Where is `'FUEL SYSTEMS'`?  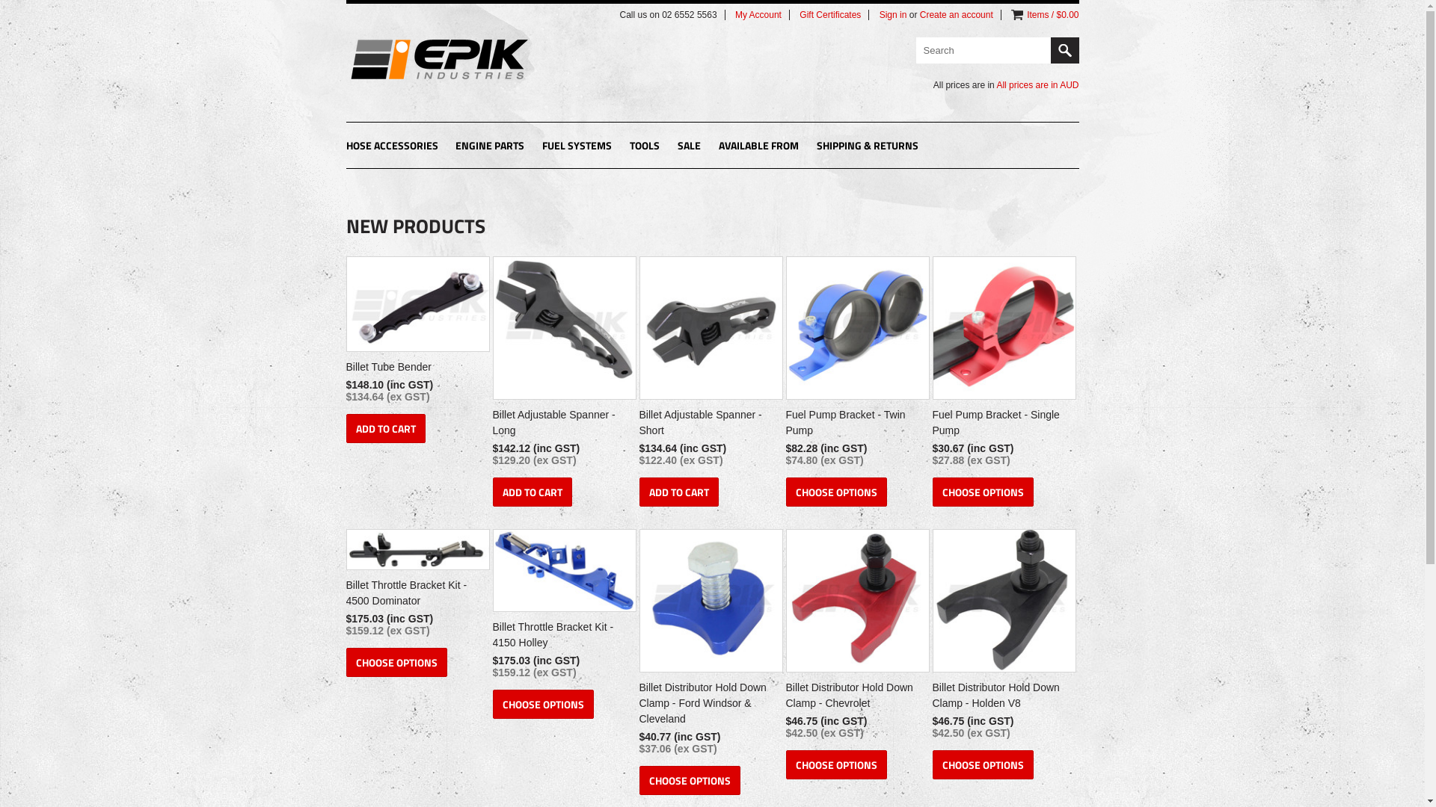
'FUEL SYSTEMS' is located at coordinates (576, 146).